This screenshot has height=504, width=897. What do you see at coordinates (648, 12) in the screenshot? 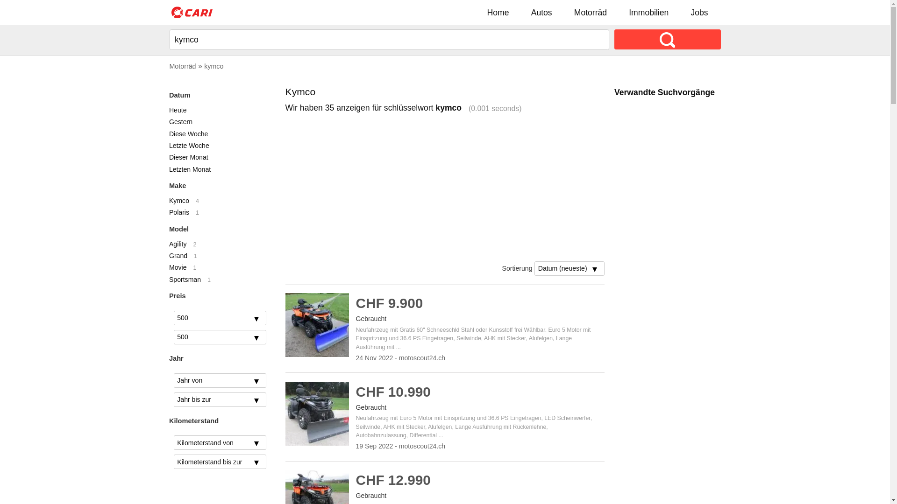
I see `'Immobilien'` at bounding box center [648, 12].